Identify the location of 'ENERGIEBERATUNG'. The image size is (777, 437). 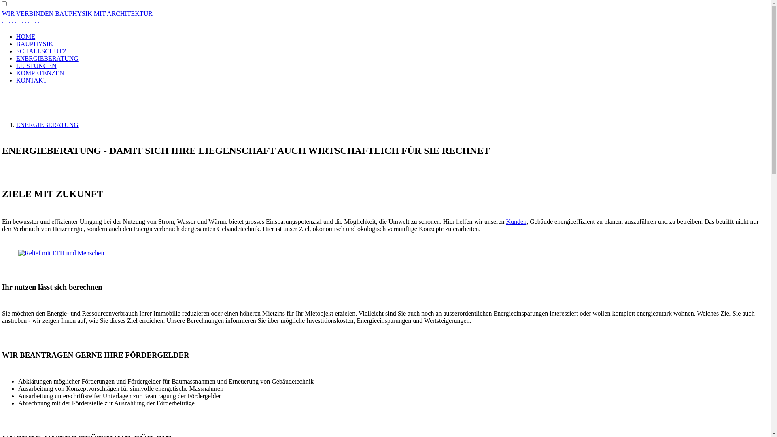
(47, 125).